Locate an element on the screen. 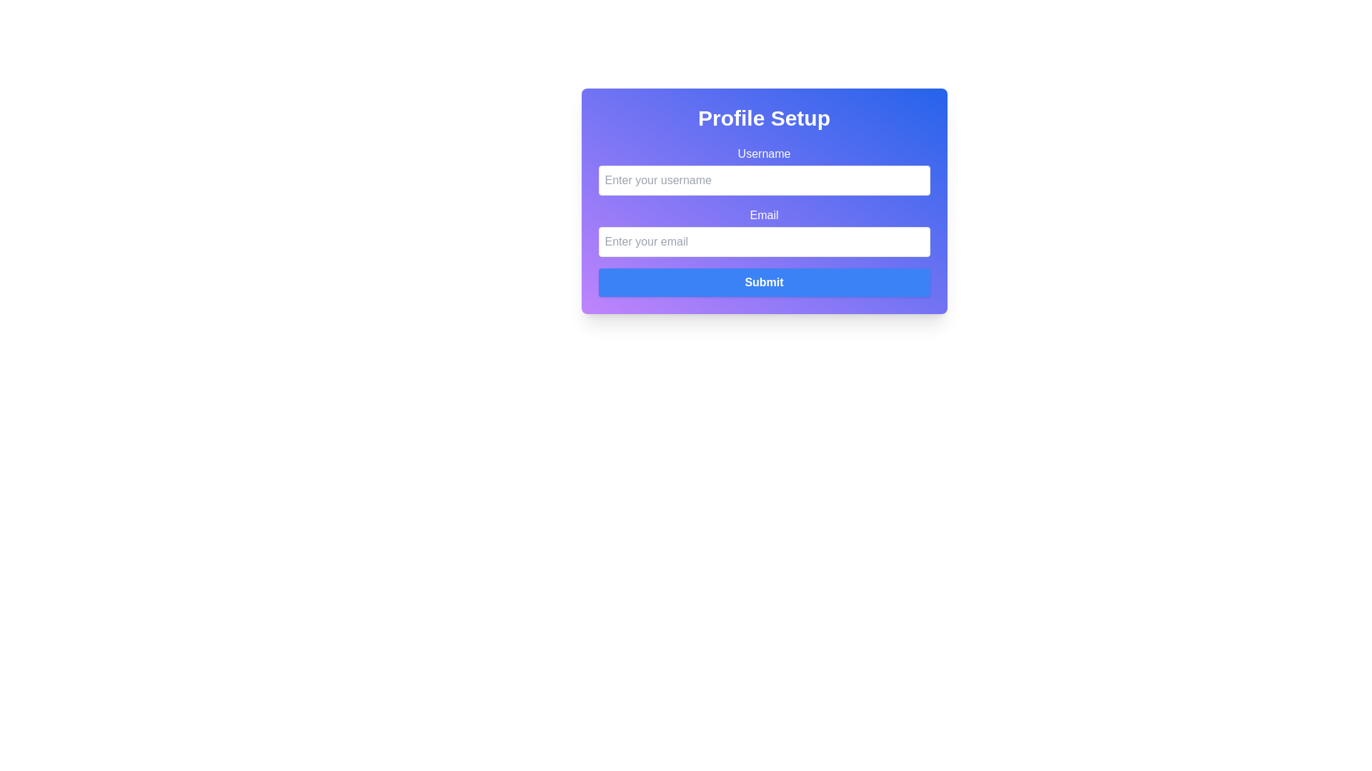  the 'Username' text input field, which is the first input field in the form with a white background and labeled 'Username' is located at coordinates (763, 170).